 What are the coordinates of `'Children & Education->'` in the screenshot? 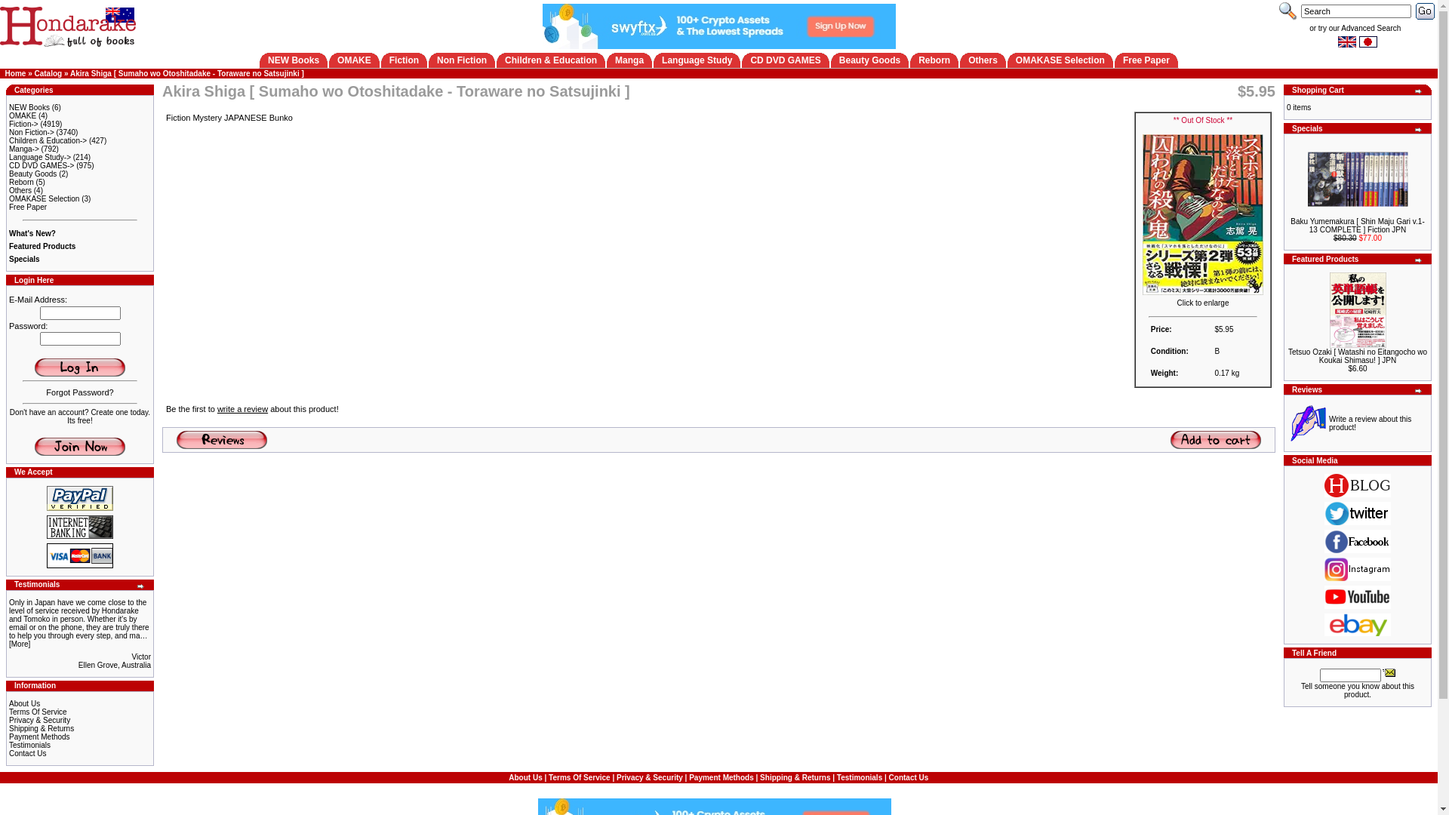 It's located at (48, 140).